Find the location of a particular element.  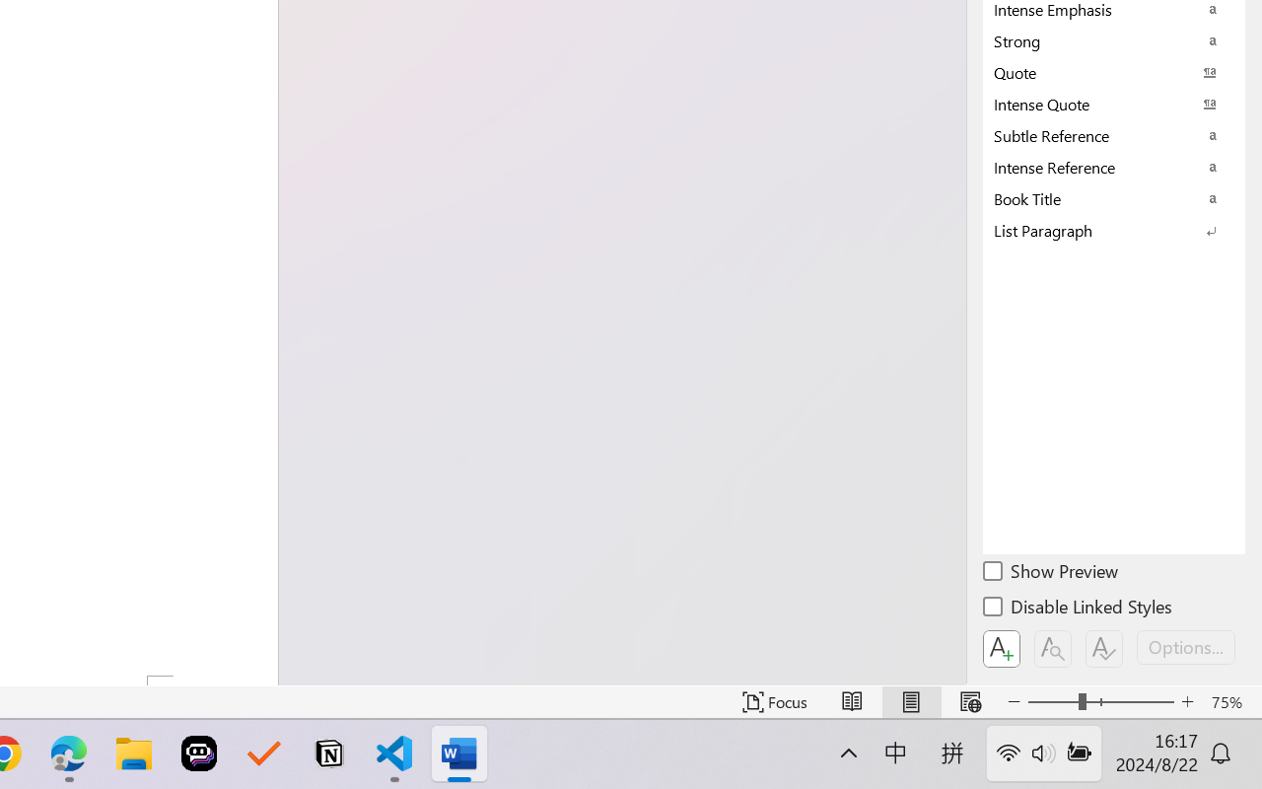

'Intense Reference' is located at coordinates (1114, 166).